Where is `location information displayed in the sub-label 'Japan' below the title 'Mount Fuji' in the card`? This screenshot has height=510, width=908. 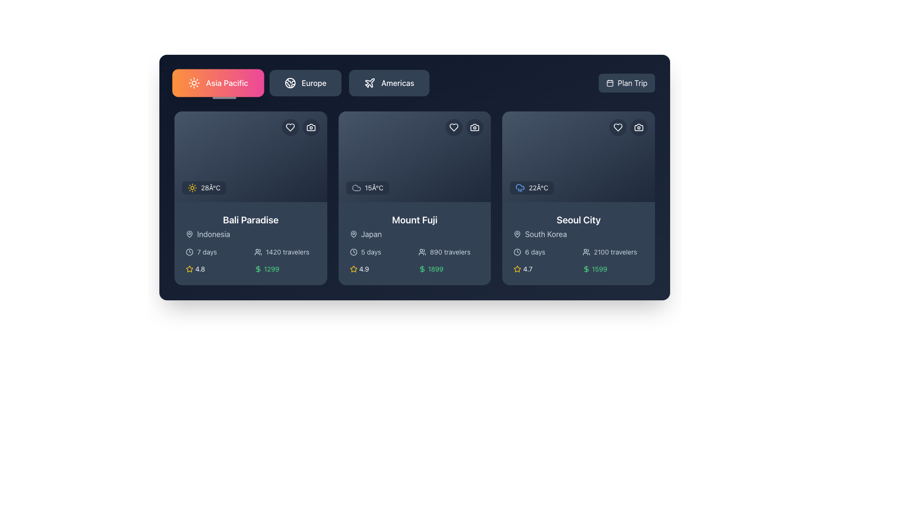 location information displayed in the sub-label 'Japan' below the title 'Mount Fuji' in the card is located at coordinates (415, 226).